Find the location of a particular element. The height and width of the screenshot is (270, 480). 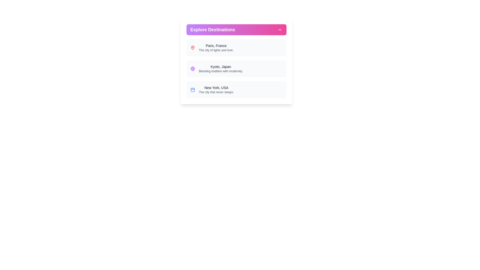

the second entry of the list item, which is visually presented with a title and subtitle in a light background is located at coordinates (236, 68).